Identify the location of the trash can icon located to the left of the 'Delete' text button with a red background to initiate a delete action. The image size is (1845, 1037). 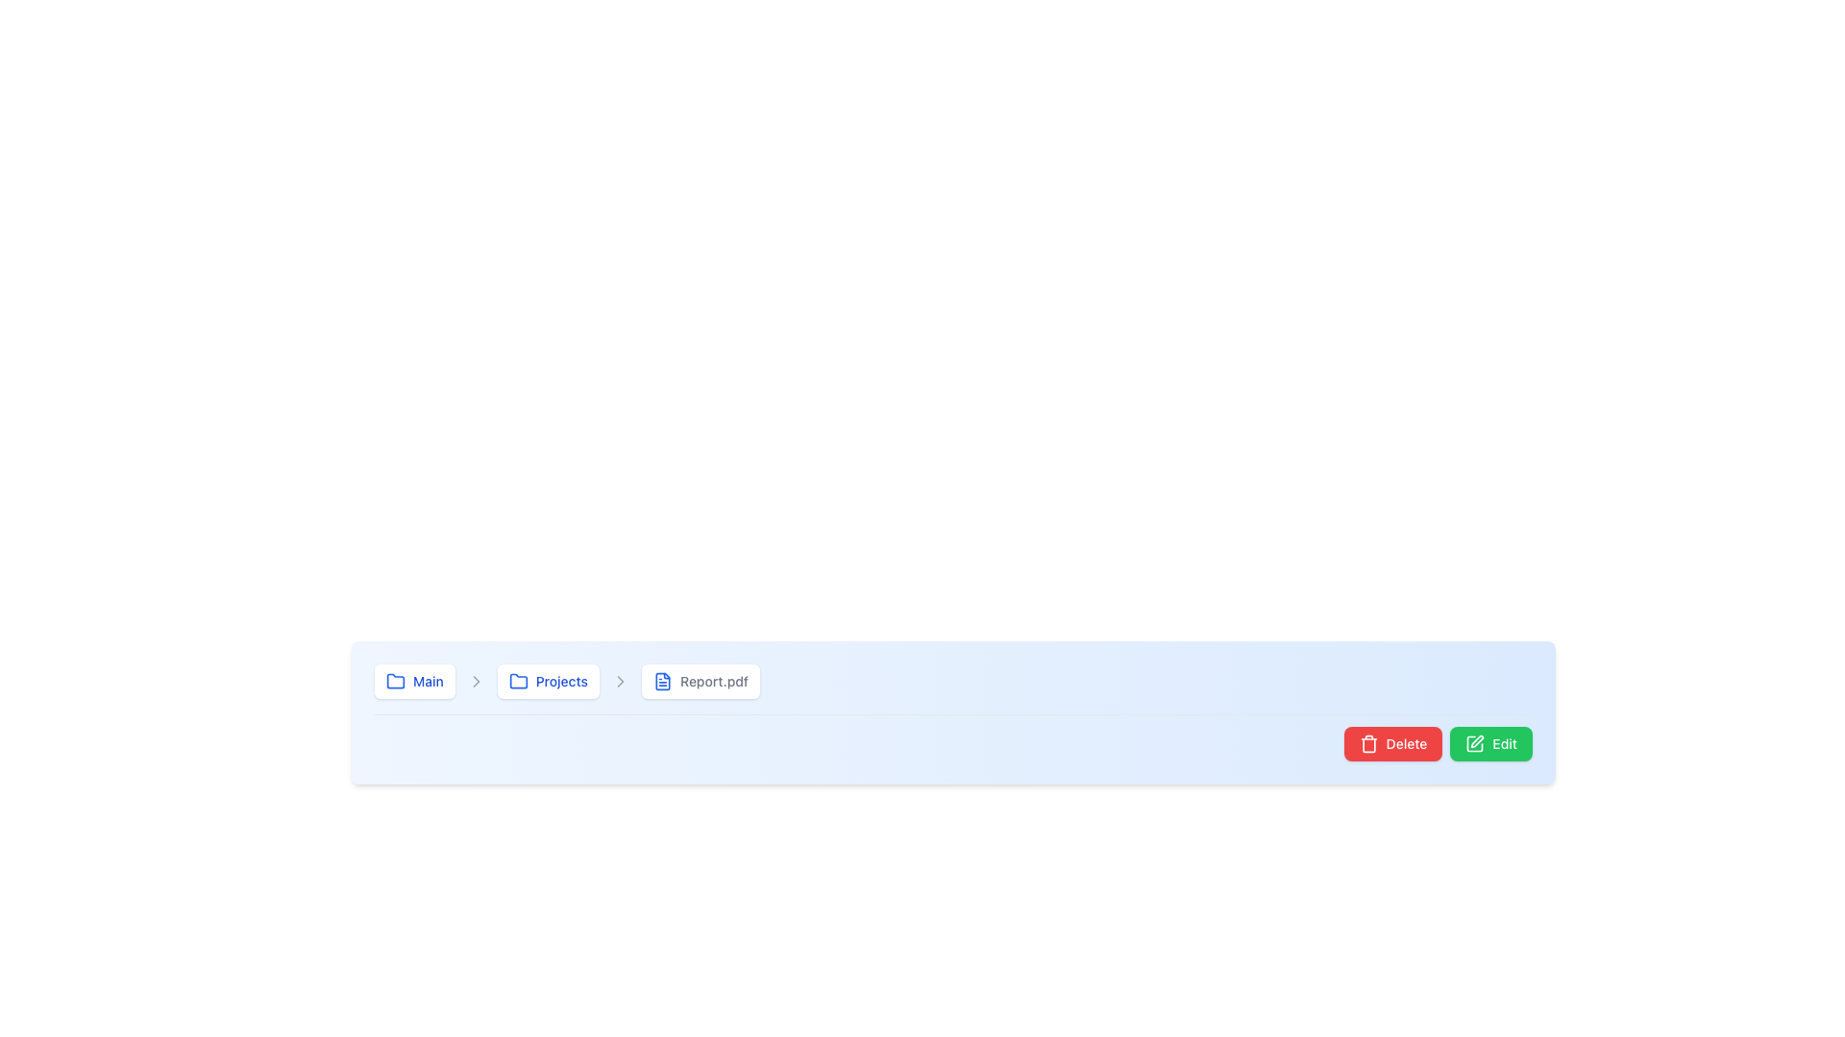
(1367, 743).